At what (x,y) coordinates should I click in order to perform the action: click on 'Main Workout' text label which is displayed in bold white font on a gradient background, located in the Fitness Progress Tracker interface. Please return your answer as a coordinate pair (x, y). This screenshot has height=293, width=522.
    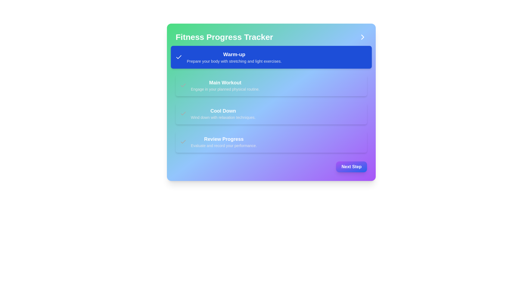
    Looking at the image, I should click on (225, 82).